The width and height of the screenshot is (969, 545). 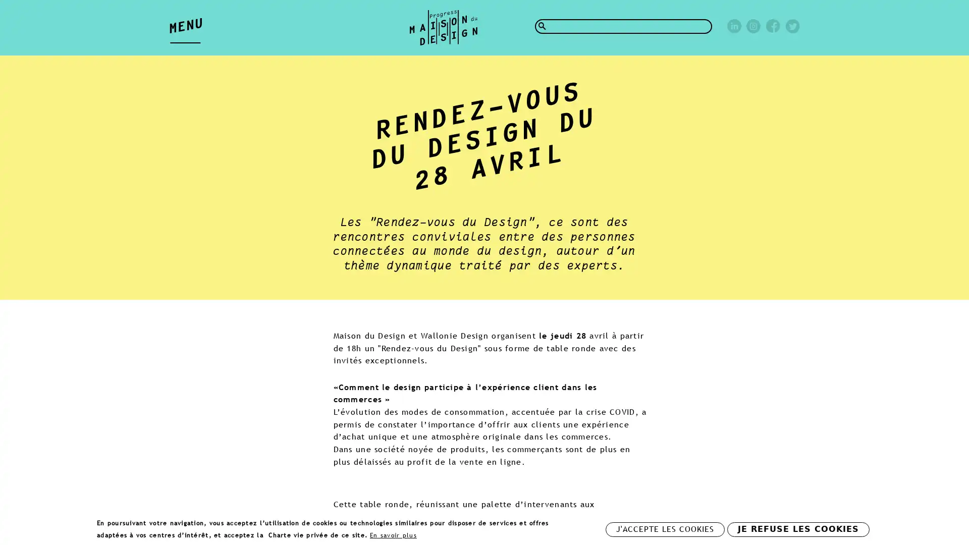 What do you see at coordinates (798, 529) in the screenshot?
I see `JE REFUSE LES COOKIES` at bounding box center [798, 529].